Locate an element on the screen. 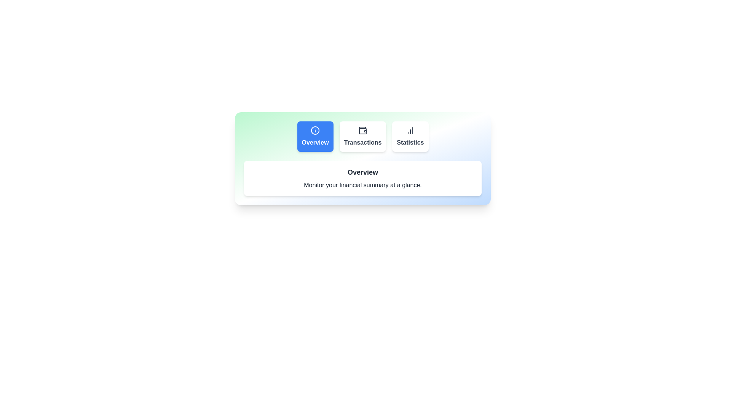 The height and width of the screenshot is (411, 731). the active 'Overview' tab to confirm its functionality is located at coordinates (315, 136).